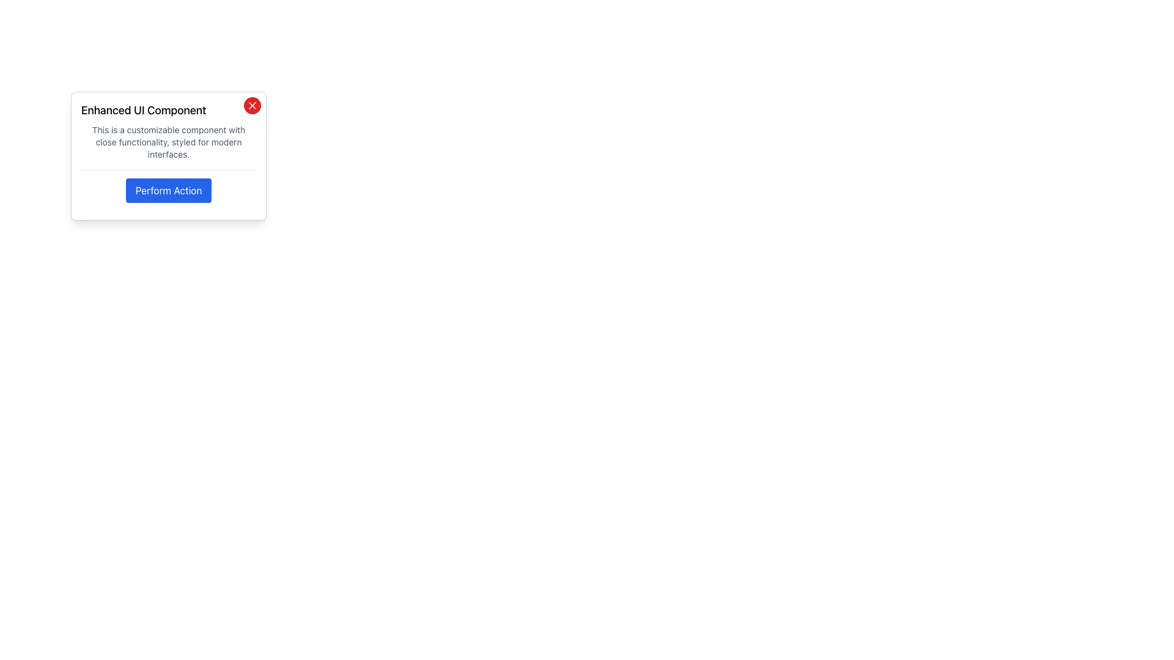 The width and height of the screenshot is (1174, 660). I want to click on keyboard navigation, so click(251, 105).